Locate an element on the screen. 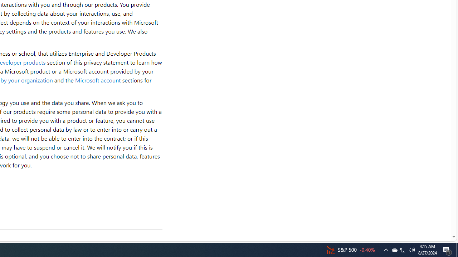 The height and width of the screenshot is (257, 458). 'Microsoft account' is located at coordinates (97, 80).